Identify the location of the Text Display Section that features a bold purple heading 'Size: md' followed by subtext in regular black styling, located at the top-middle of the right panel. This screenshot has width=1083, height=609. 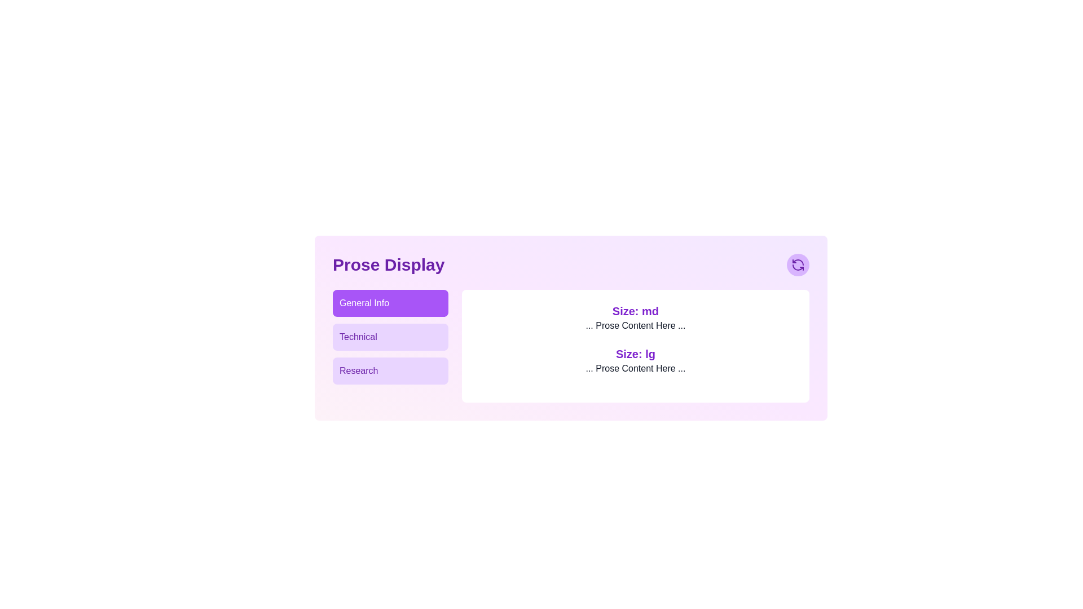
(636, 317).